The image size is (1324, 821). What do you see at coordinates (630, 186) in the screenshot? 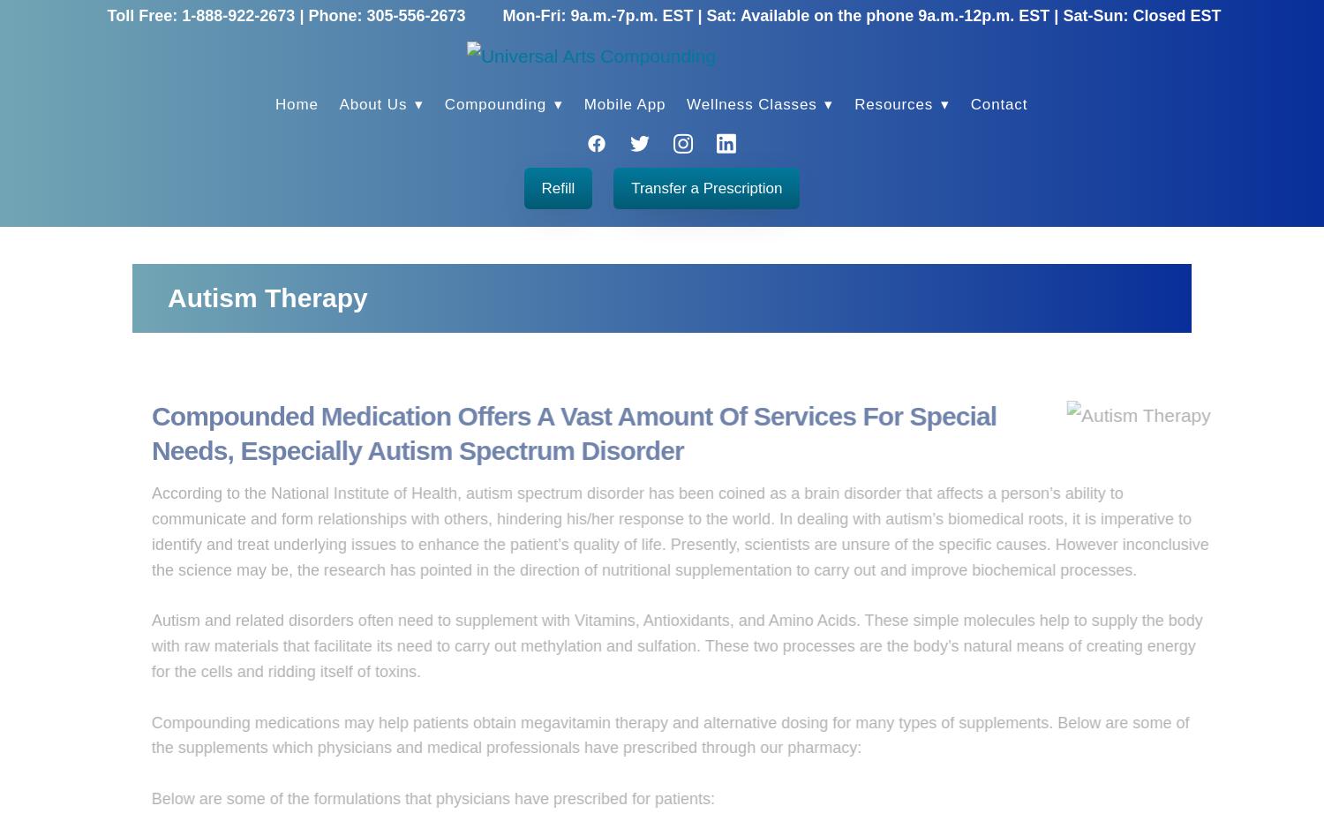
I see `'Transfer a Prescription'` at bounding box center [630, 186].